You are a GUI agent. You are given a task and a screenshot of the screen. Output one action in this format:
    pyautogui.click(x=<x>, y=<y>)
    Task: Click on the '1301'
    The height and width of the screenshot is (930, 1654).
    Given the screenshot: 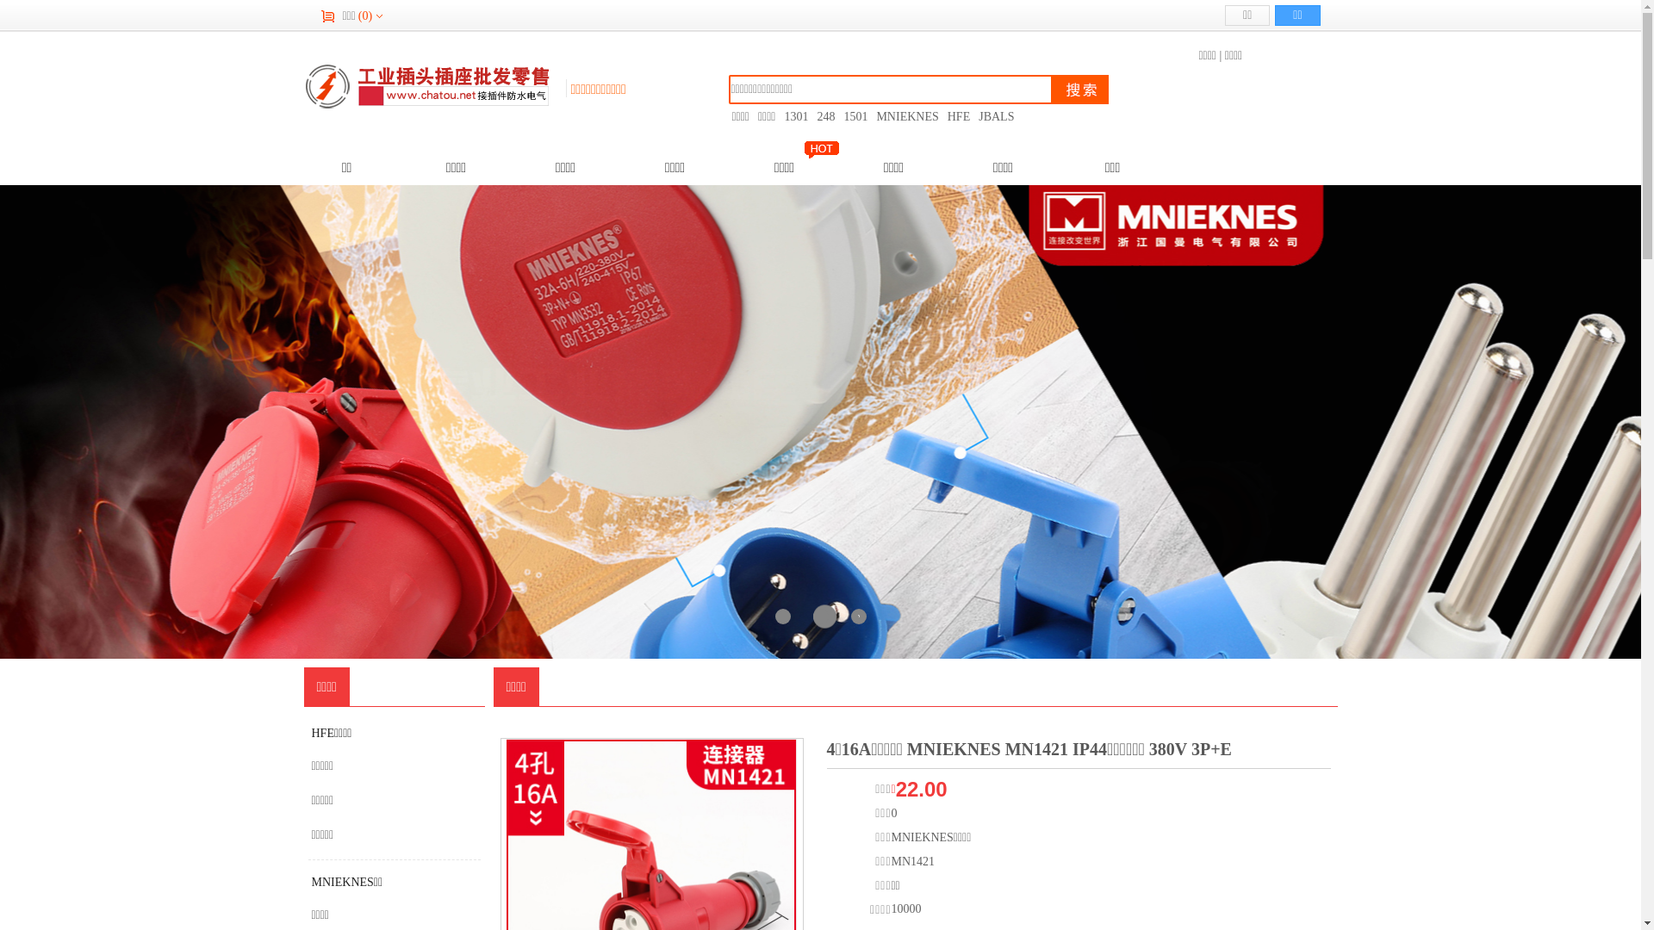 What is the action you would take?
    pyautogui.click(x=794, y=116)
    